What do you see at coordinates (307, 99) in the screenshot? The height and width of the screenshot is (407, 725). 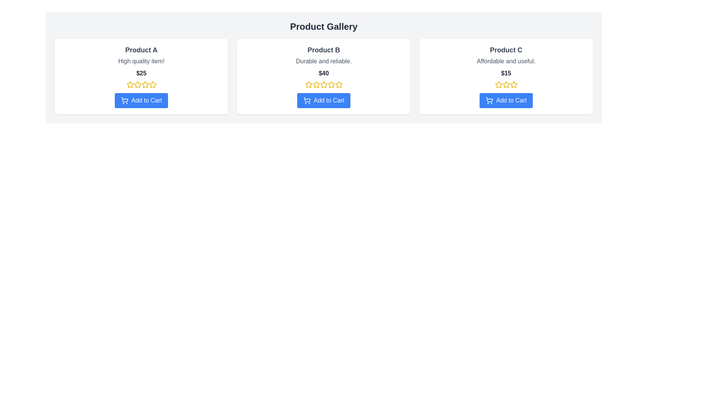 I see `the shopping cart icon representing the Add to Cart functionality for Product B, located within the second product card in the Product Gallery section` at bounding box center [307, 99].